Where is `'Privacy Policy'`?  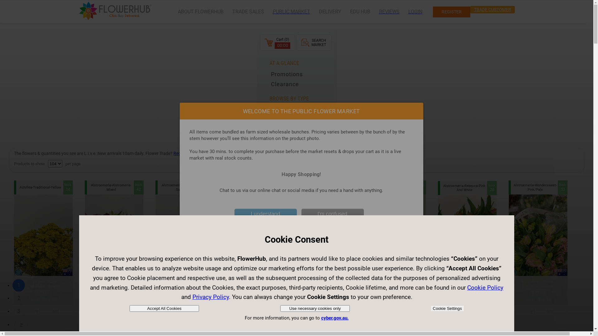
'Privacy Policy' is located at coordinates (211, 296).